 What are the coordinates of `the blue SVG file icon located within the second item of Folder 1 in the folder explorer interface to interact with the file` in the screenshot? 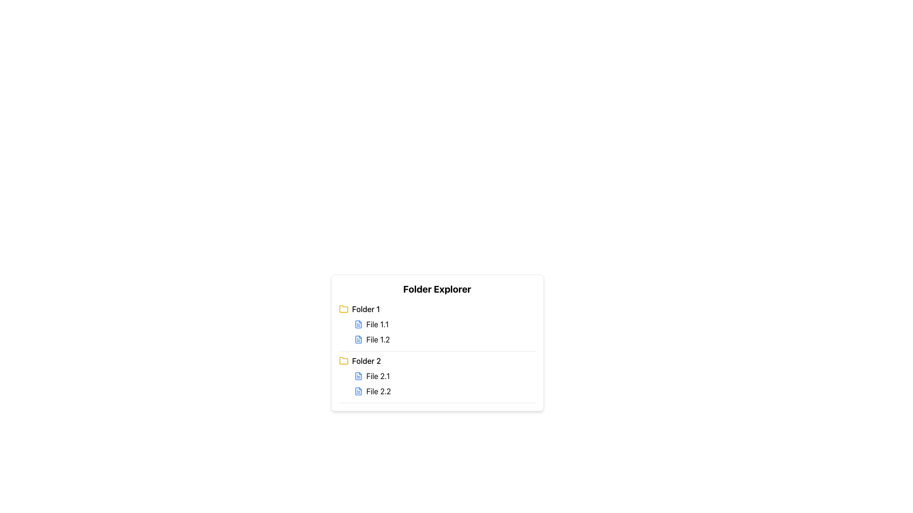 It's located at (358, 339).